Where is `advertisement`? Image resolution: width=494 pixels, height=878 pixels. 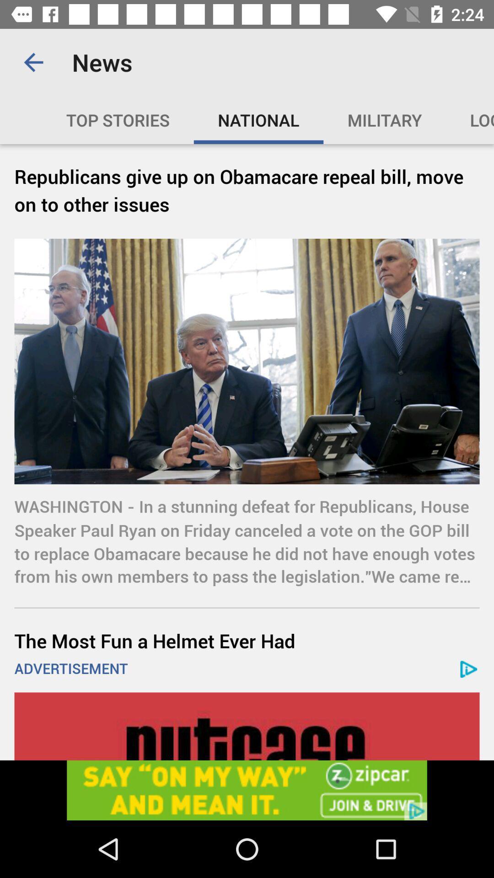 advertisement is located at coordinates (247, 726).